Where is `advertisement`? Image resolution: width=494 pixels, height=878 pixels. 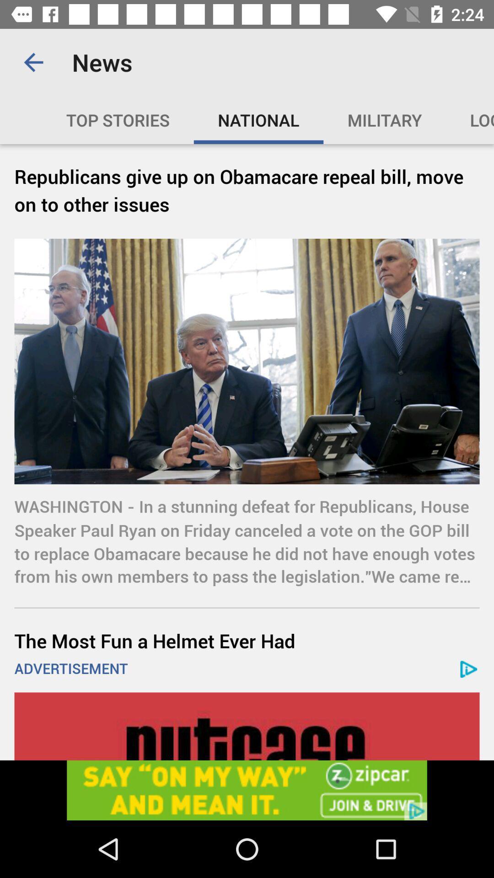 advertisement is located at coordinates (247, 726).